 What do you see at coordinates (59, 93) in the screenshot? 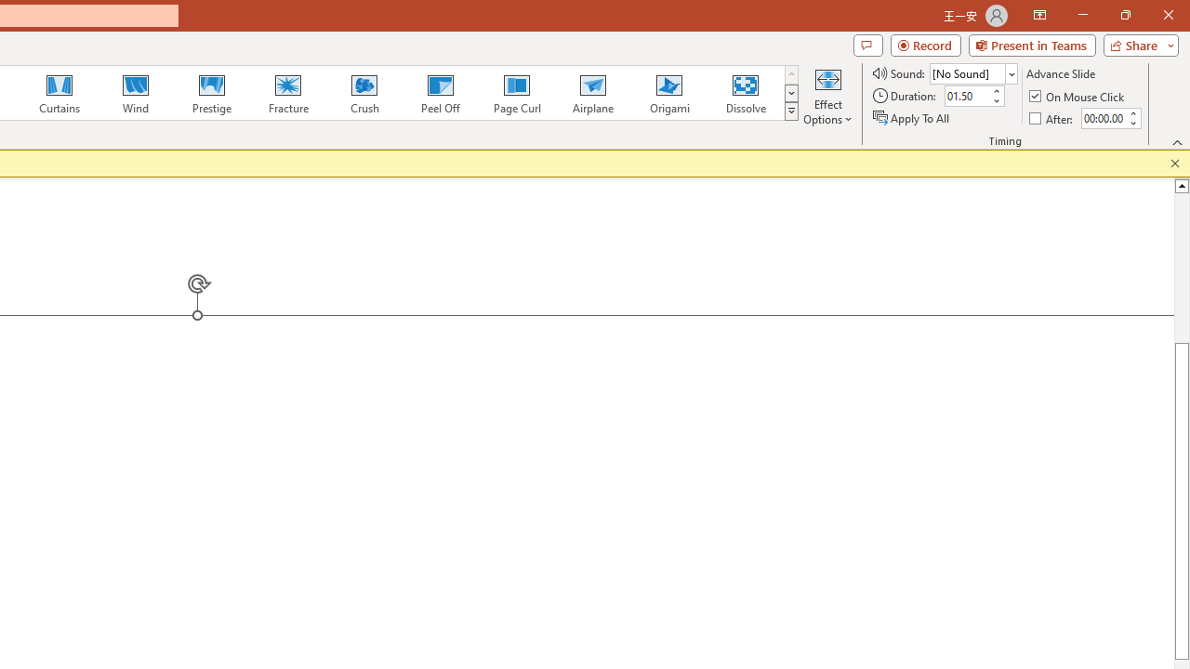
I see `'Curtains'` at bounding box center [59, 93].